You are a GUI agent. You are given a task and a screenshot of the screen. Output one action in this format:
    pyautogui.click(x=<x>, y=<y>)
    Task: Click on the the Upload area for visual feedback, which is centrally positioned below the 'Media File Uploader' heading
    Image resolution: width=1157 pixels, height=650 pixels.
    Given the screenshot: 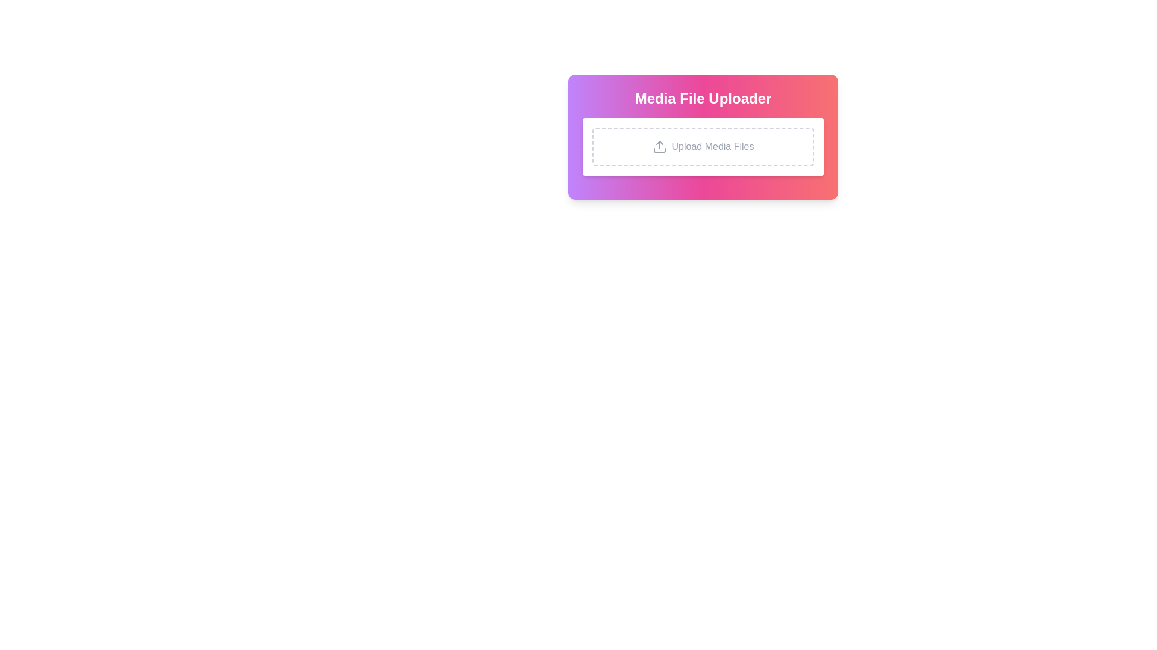 What is the action you would take?
    pyautogui.click(x=703, y=146)
    